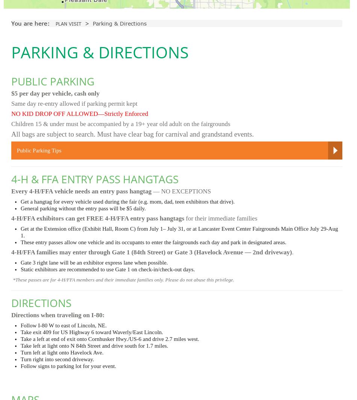 Image resolution: width=357 pixels, height=400 pixels. What do you see at coordinates (55, 93) in the screenshot?
I see `'$5 per day per vehicle, cash only'` at bounding box center [55, 93].